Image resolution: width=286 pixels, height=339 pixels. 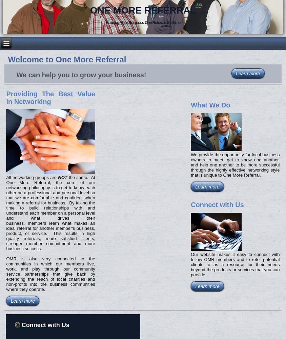 What do you see at coordinates (81, 75) in the screenshot?
I see `'We can help you to grow your business!'` at bounding box center [81, 75].